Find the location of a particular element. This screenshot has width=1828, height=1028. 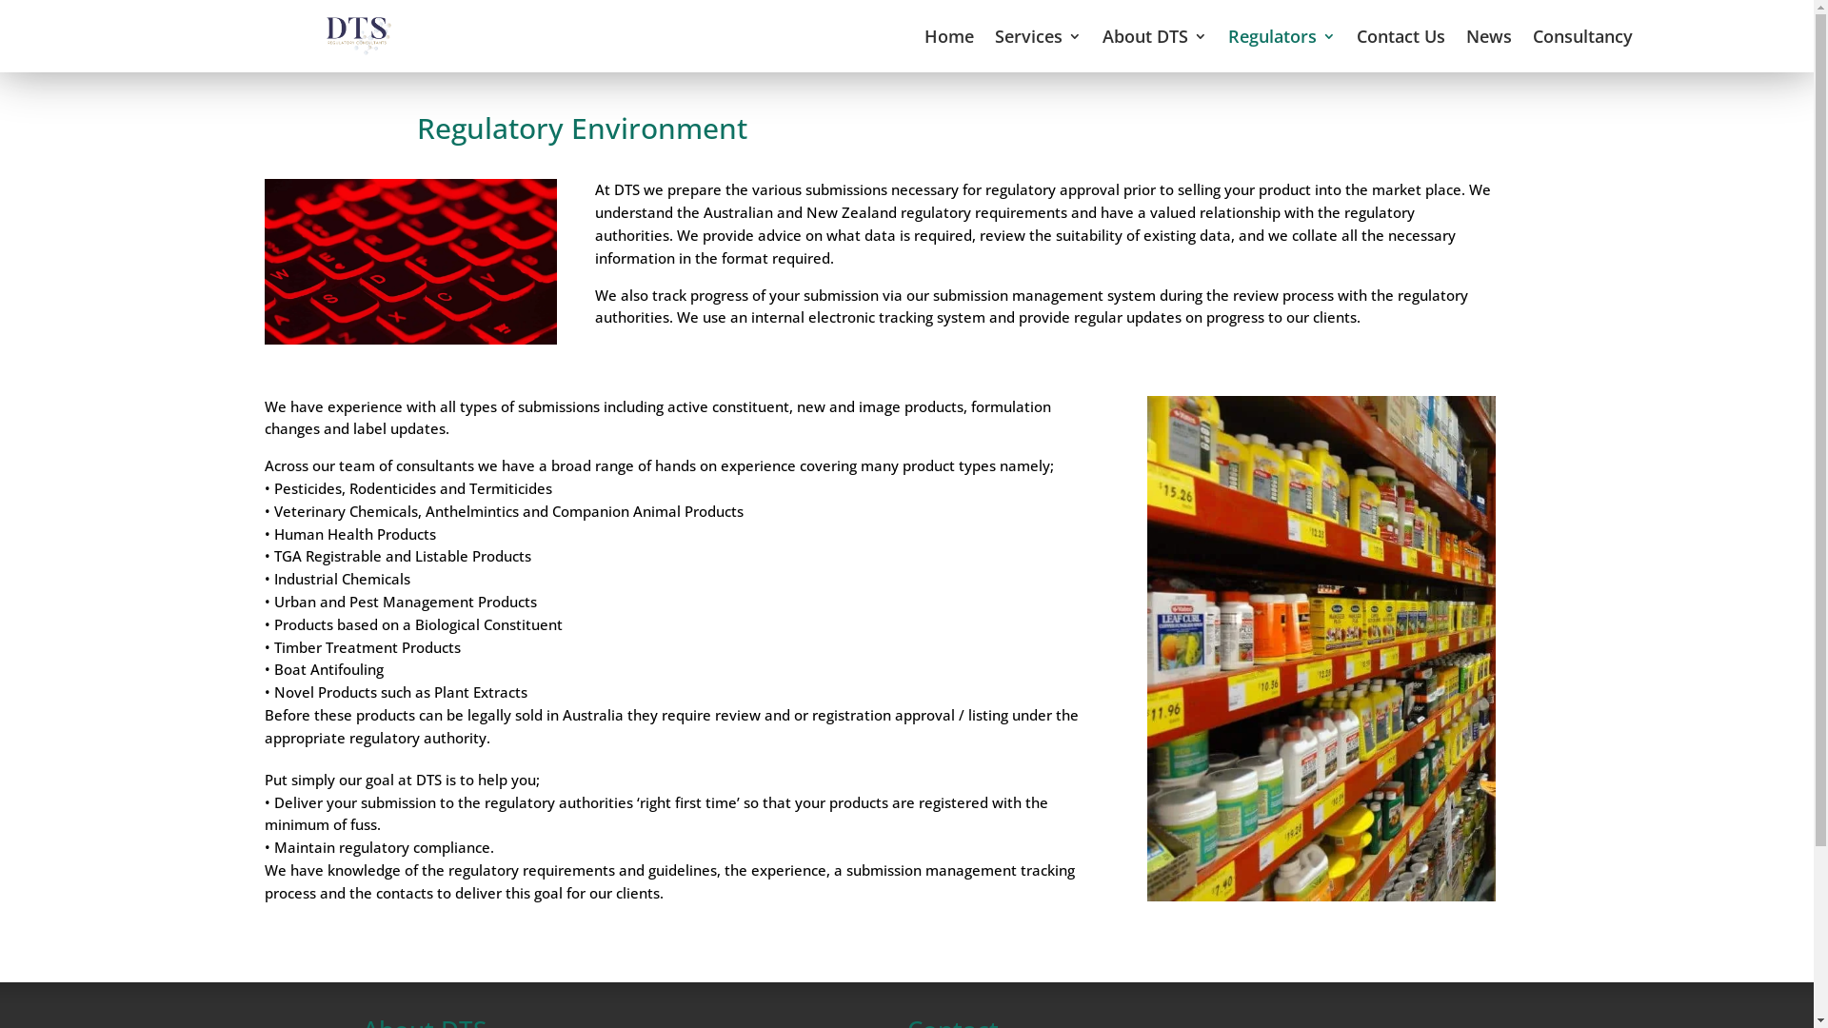

'Consultancy' is located at coordinates (1582, 36).